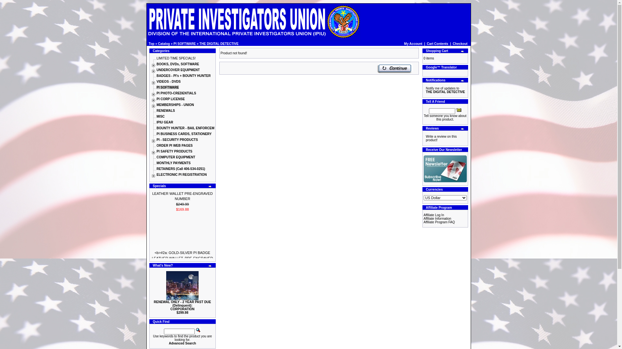  I want to click on 'PI PHOTO-CREDENTIALS', so click(176, 93).